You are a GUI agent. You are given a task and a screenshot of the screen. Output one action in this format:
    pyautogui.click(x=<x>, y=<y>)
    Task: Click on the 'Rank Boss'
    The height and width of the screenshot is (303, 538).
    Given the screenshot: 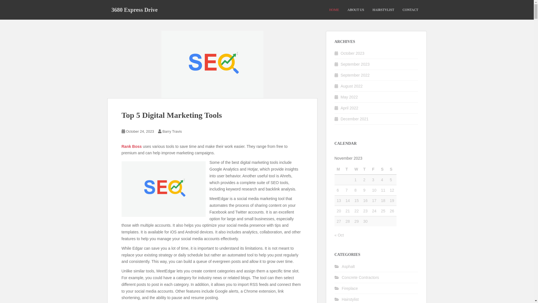 What is the action you would take?
    pyautogui.click(x=121, y=146)
    